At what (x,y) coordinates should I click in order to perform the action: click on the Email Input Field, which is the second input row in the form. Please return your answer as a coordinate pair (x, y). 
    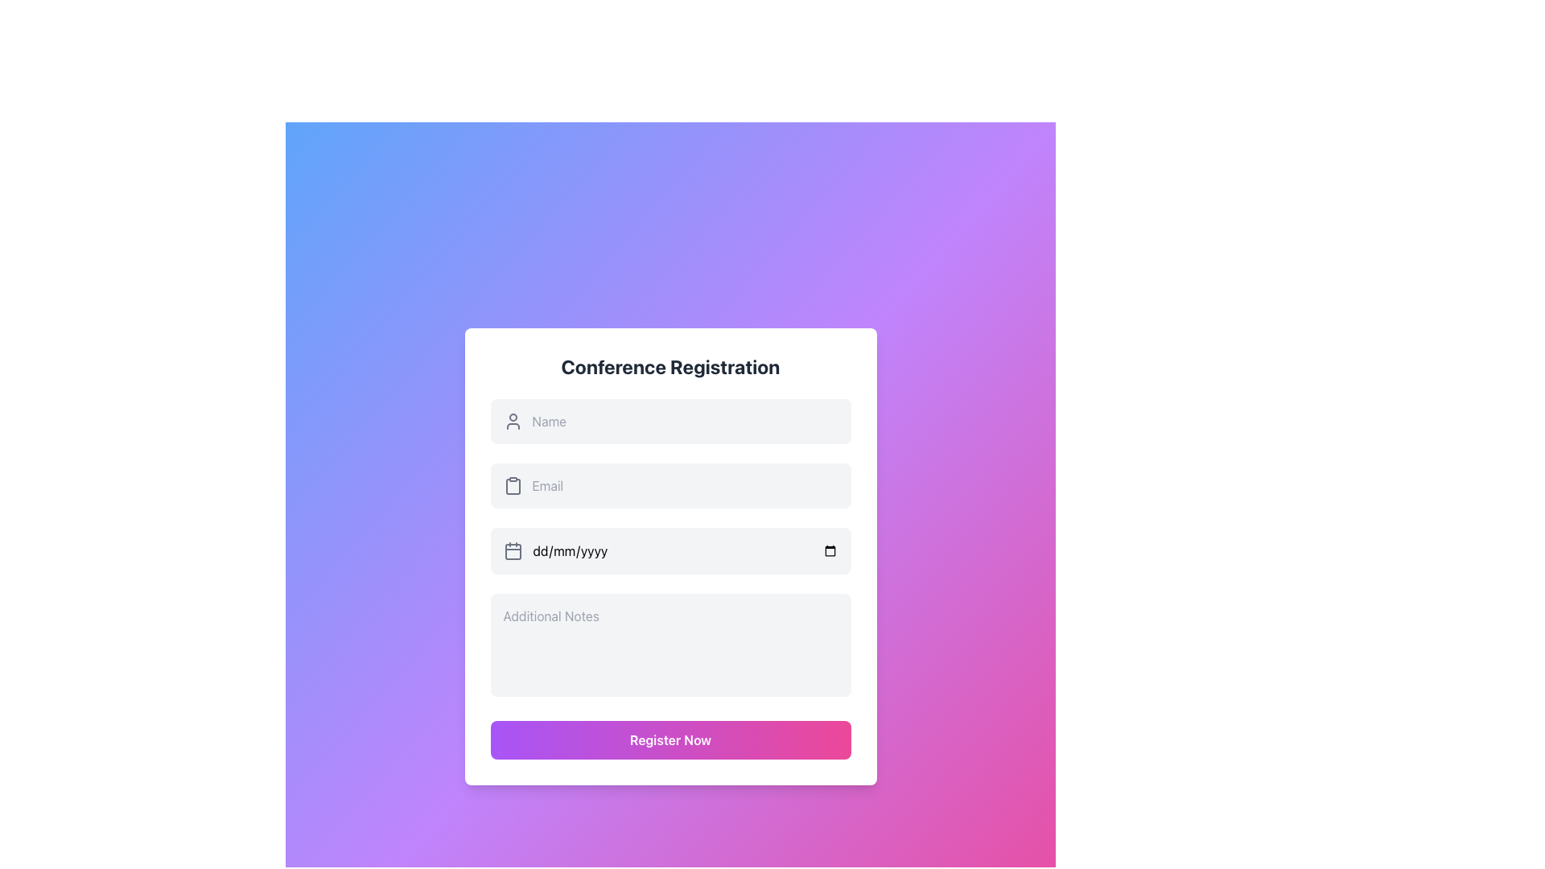
    Looking at the image, I should click on (670, 485).